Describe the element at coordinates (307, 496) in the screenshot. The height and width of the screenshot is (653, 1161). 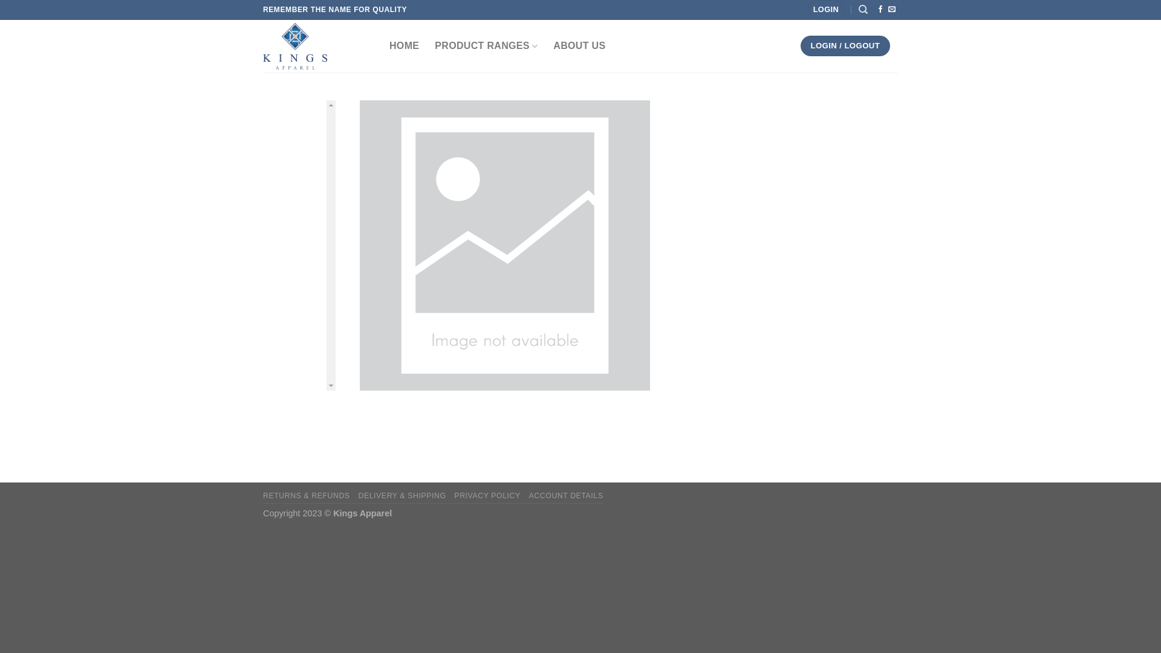
I see `'RETURNS & REFUNDS'` at that location.